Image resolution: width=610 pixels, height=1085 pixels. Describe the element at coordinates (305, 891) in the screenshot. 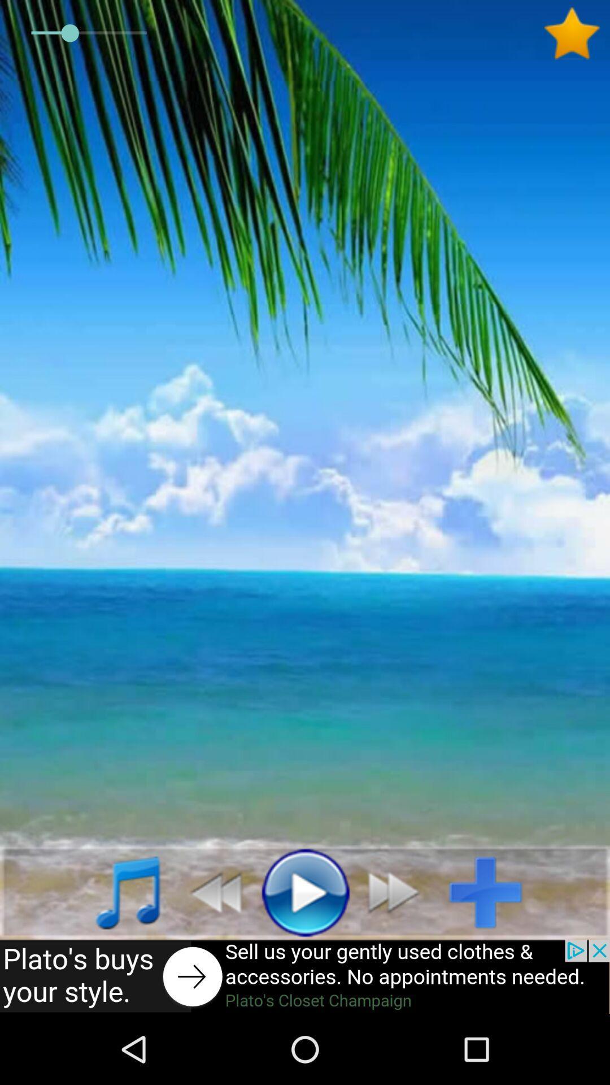

I see `music play` at that location.